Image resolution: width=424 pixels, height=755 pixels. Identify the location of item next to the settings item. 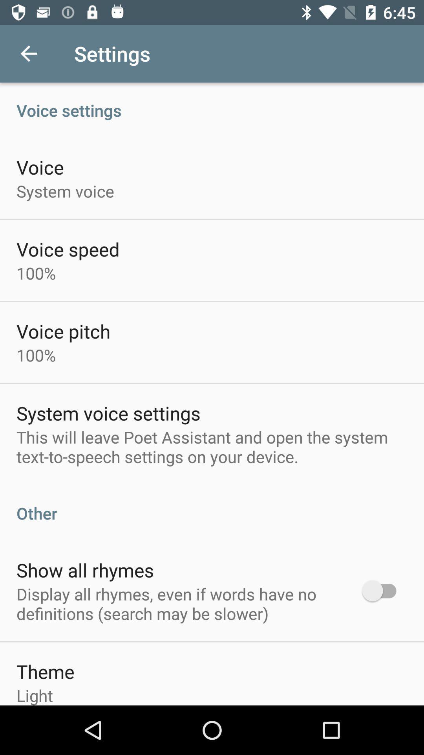
(28, 53).